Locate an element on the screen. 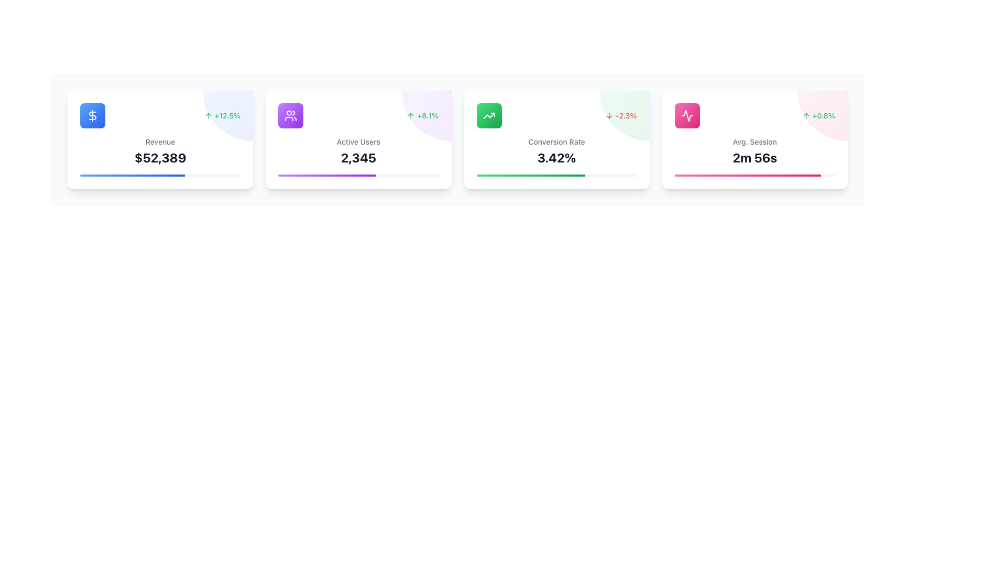 The width and height of the screenshot is (1006, 566). the green upward arrow and '+0.8%' text located in the top-right corner of the 'Avg. Session' widget is located at coordinates (818, 115).